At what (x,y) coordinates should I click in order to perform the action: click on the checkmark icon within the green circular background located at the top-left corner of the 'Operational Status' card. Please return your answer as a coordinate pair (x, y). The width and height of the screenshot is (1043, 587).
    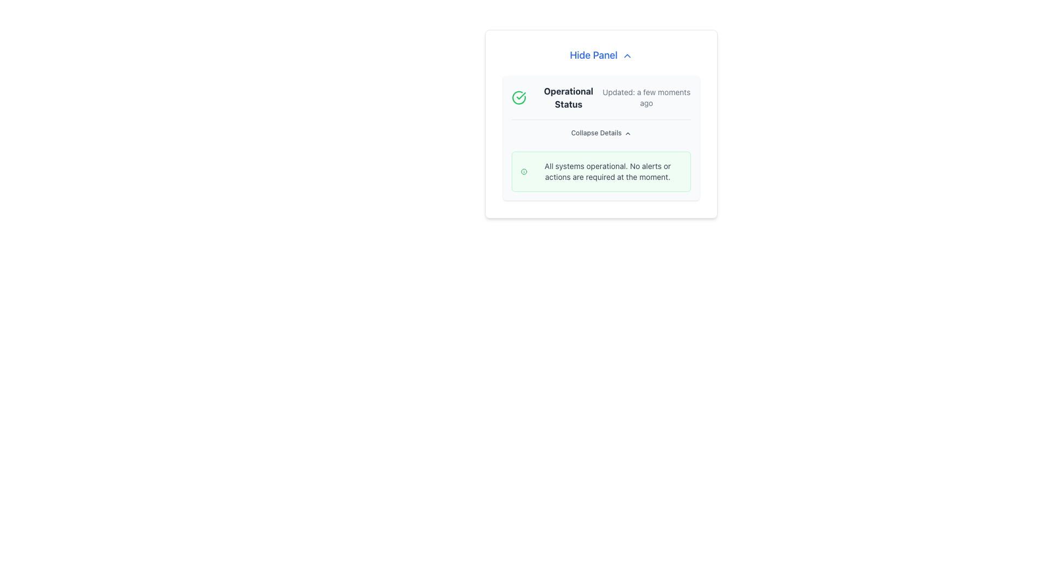
    Looking at the image, I should click on (520, 95).